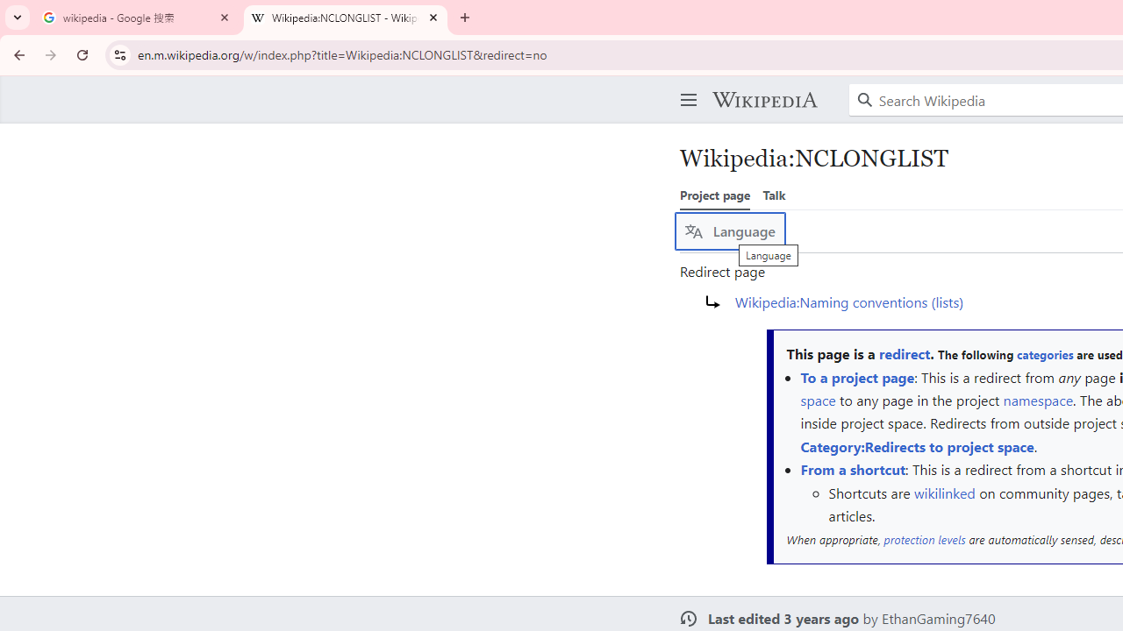  What do you see at coordinates (849, 300) in the screenshot?
I see `'Wikipedia:Naming conventions (lists)'` at bounding box center [849, 300].